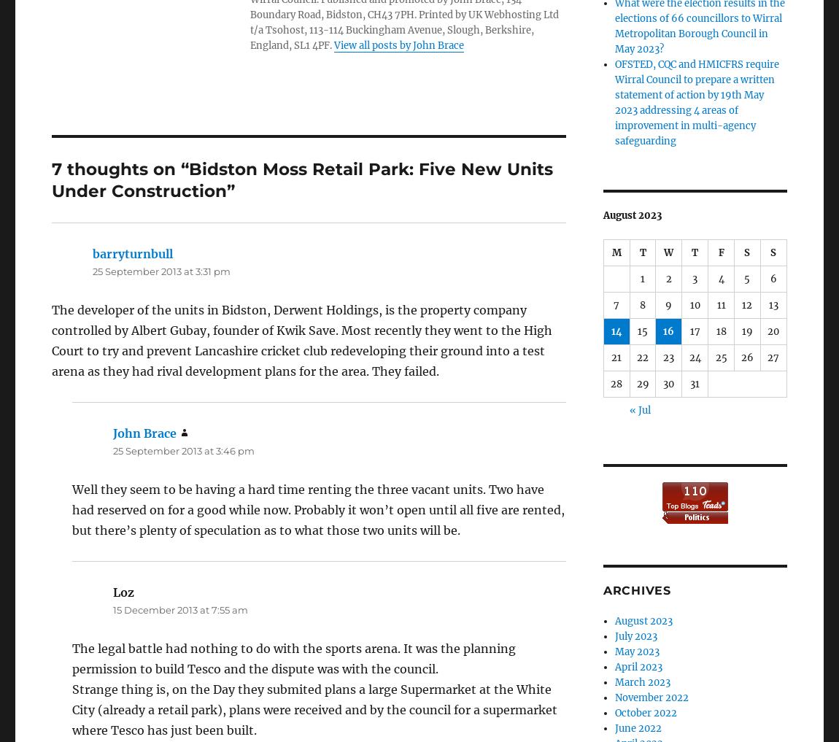 This screenshot has width=839, height=742. I want to click on '11', so click(716, 305).